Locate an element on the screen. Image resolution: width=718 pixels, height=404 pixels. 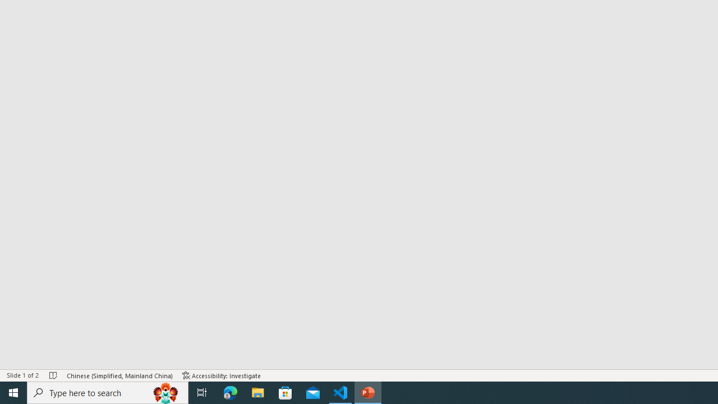
'Spell Check No Errors' is located at coordinates (53, 375).